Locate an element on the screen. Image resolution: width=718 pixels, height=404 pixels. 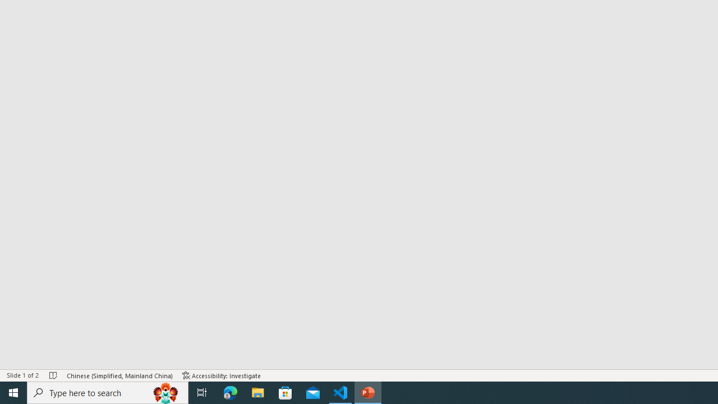
'Spell Check No Errors' is located at coordinates (53, 375).